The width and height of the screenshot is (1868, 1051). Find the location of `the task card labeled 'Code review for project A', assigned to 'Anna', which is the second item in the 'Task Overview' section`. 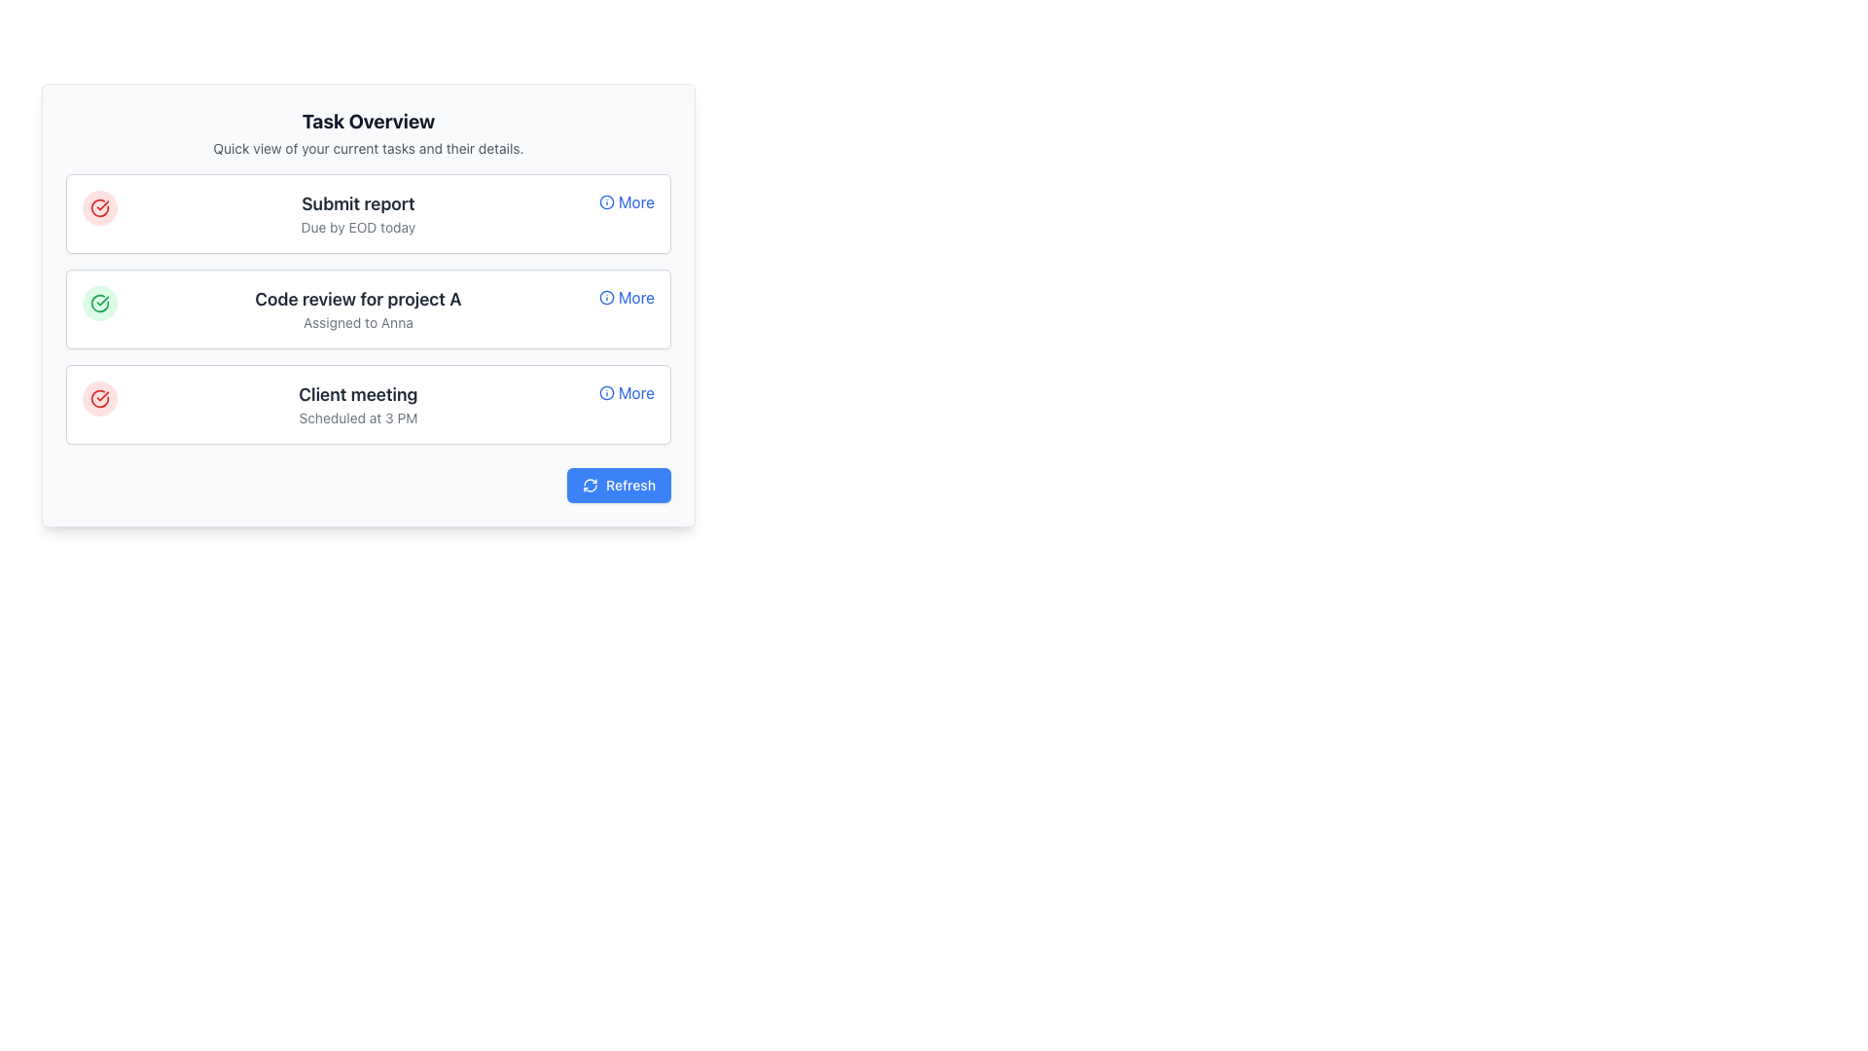

the task card labeled 'Code review for project A', assigned to 'Anna', which is the second item in the 'Task Overview' section is located at coordinates (369, 308).